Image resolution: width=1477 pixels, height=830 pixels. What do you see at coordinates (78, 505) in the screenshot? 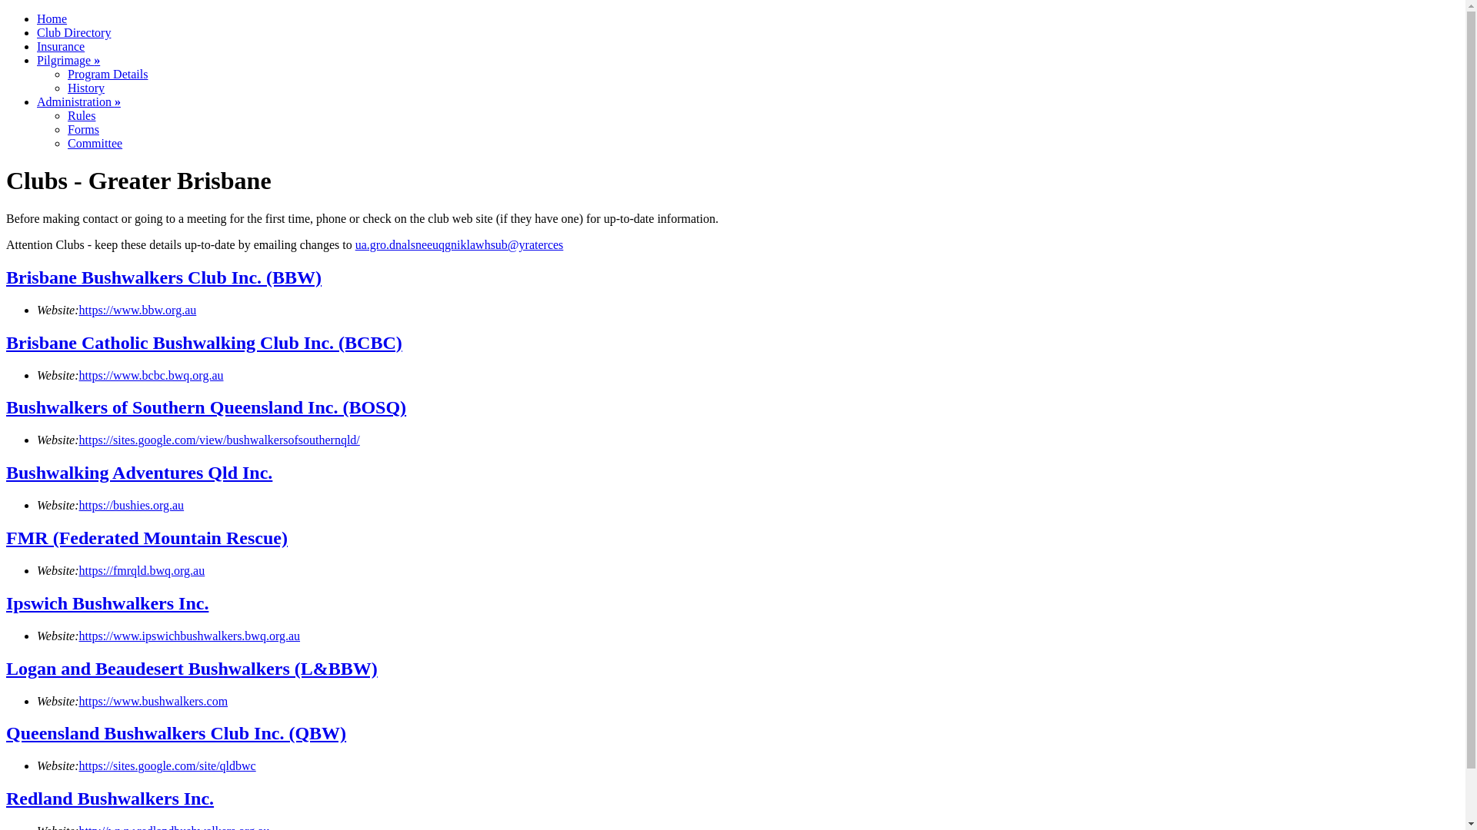
I see `'https://bushies.org.au'` at bounding box center [78, 505].